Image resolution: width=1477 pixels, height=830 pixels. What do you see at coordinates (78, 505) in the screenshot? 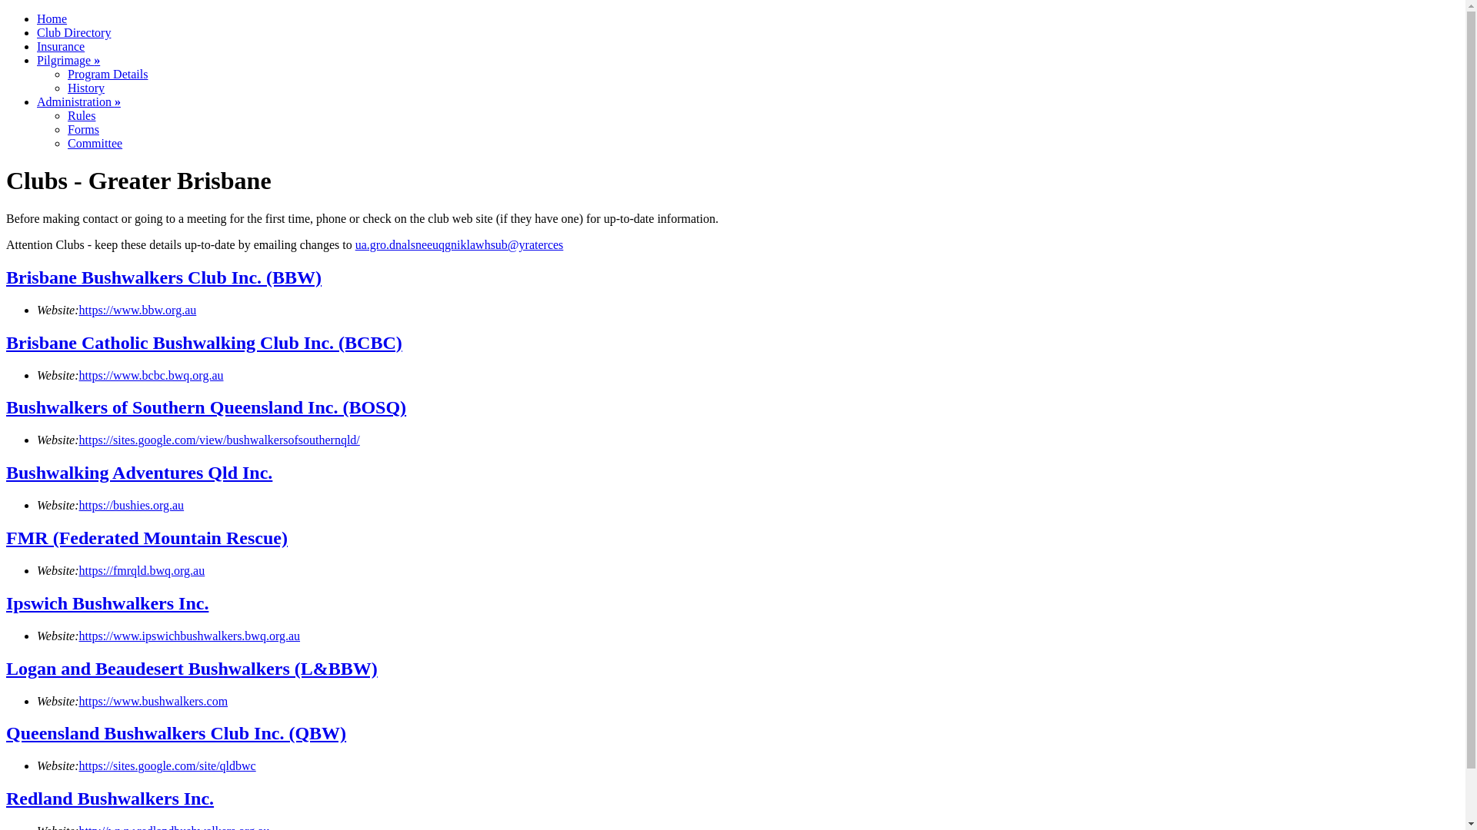
I see `'https://bushies.org.au'` at bounding box center [78, 505].